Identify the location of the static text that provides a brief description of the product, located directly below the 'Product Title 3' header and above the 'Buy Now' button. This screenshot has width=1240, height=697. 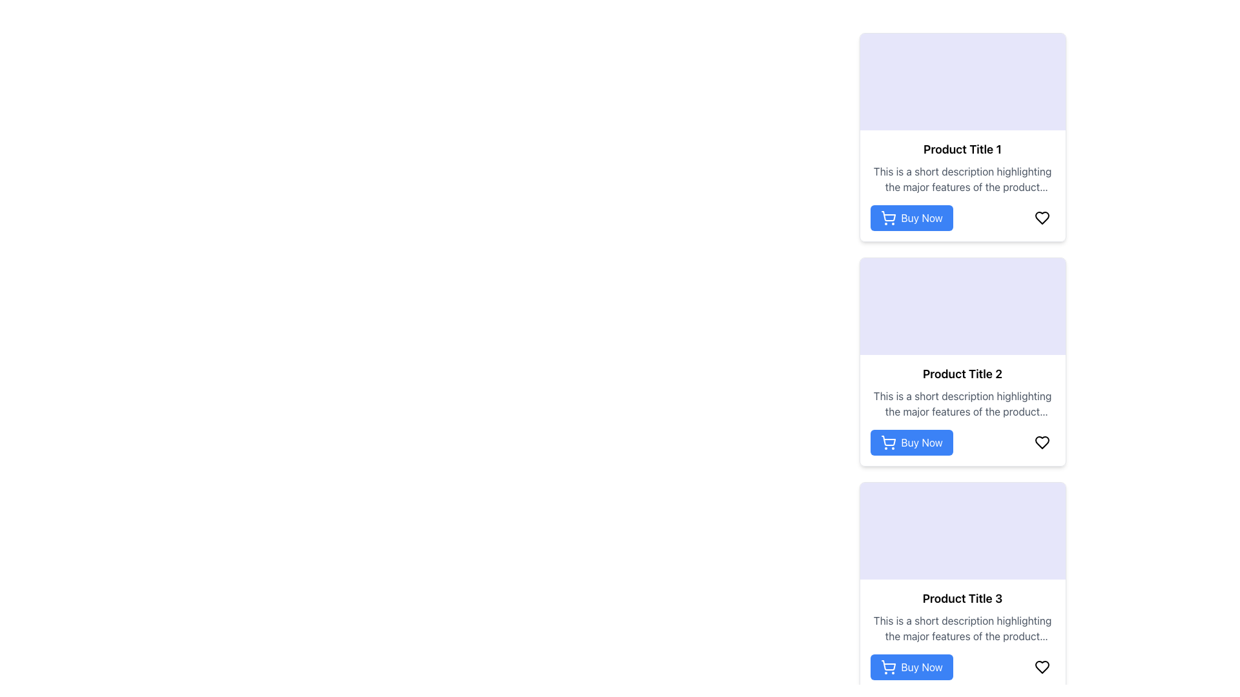
(962, 628).